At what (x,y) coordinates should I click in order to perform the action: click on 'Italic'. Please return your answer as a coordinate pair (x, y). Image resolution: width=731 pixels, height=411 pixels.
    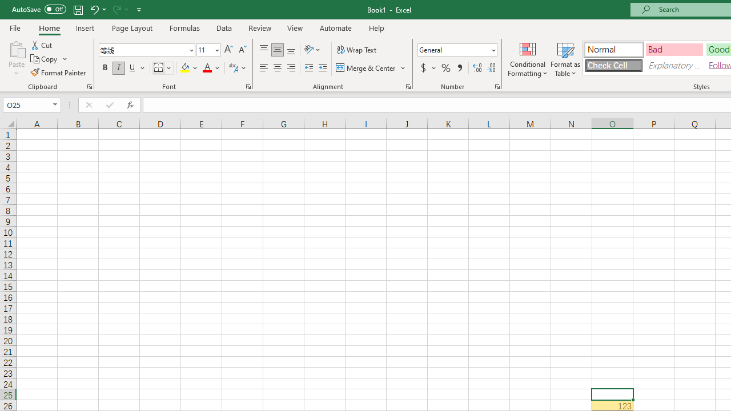
    Looking at the image, I should click on (119, 68).